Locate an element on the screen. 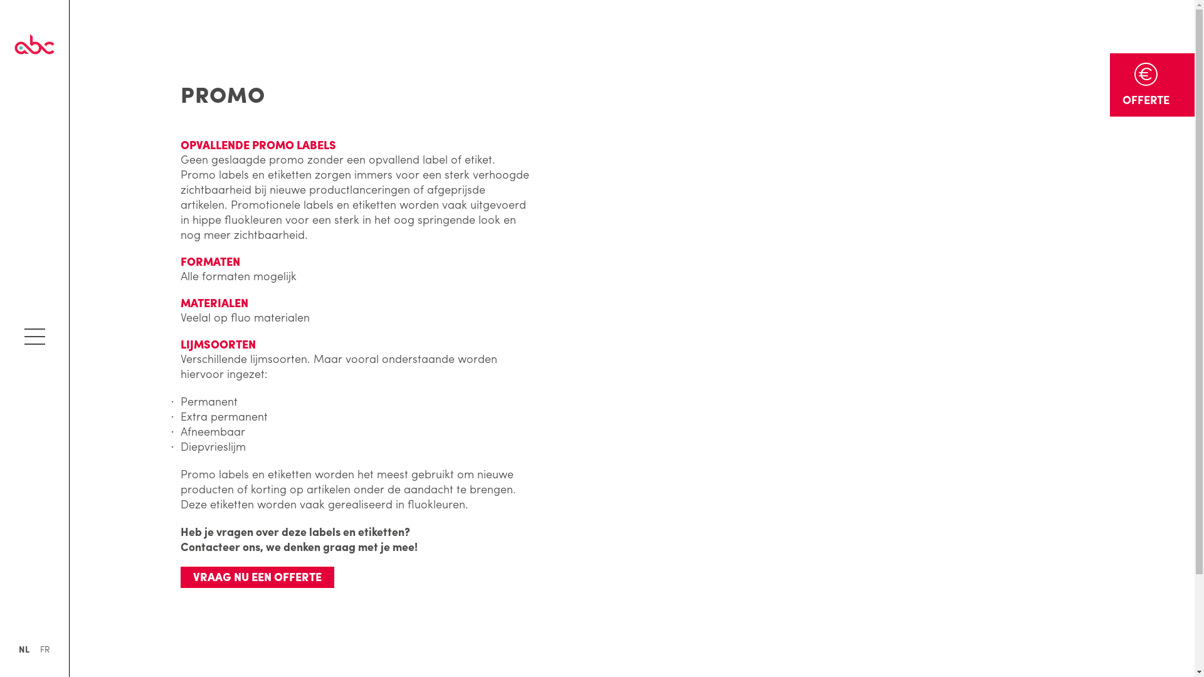 This screenshot has width=1204, height=677. 'NL' is located at coordinates (24, 648).